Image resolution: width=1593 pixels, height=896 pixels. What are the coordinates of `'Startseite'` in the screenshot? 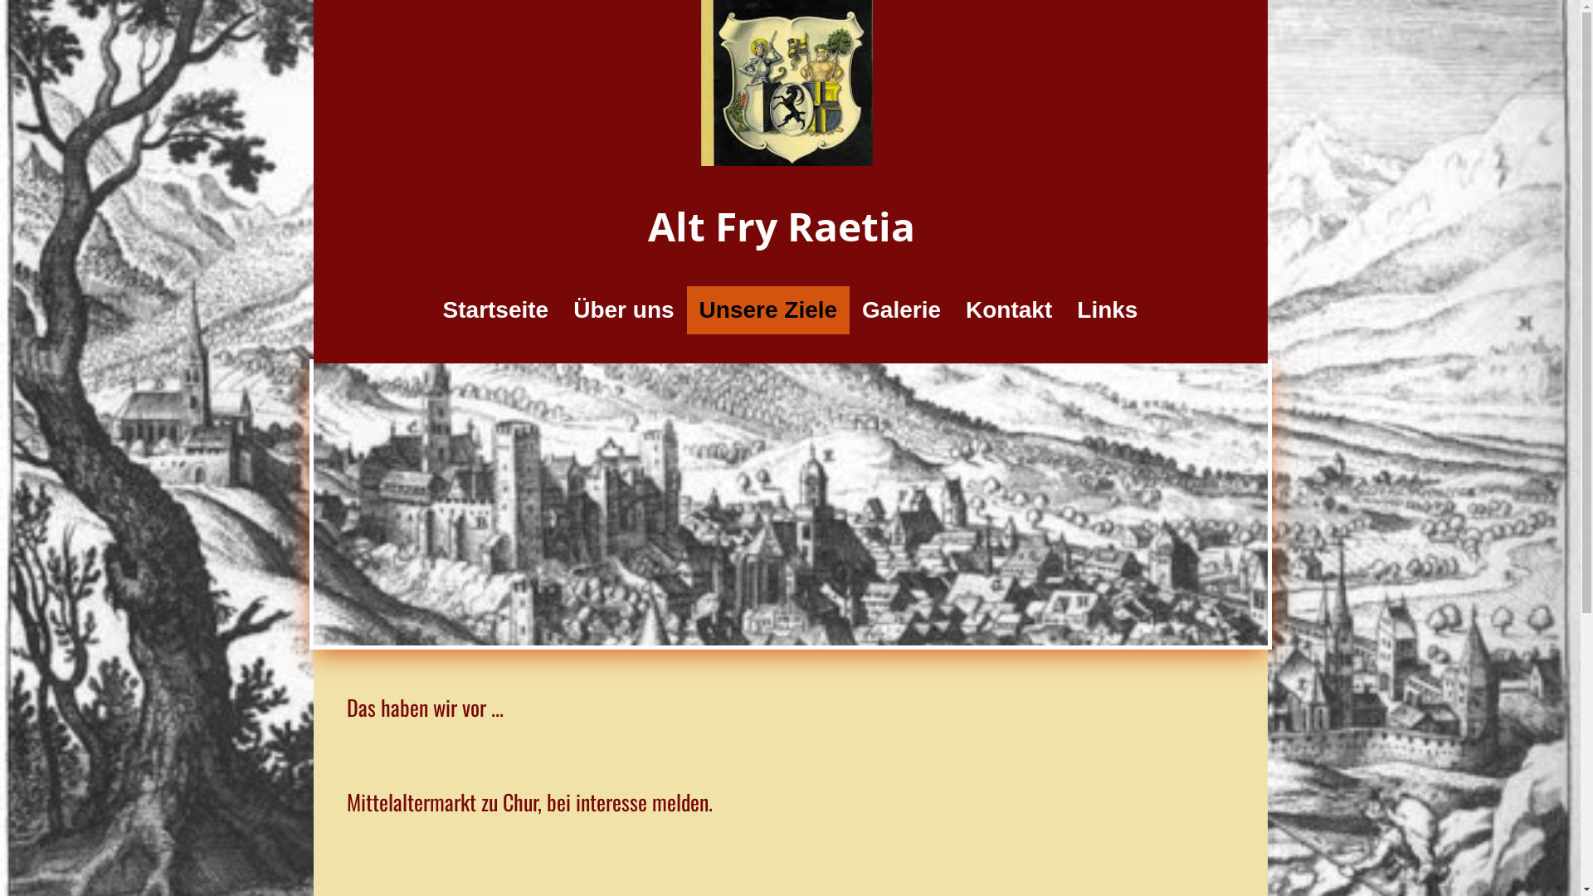 It's located at (430, 310).